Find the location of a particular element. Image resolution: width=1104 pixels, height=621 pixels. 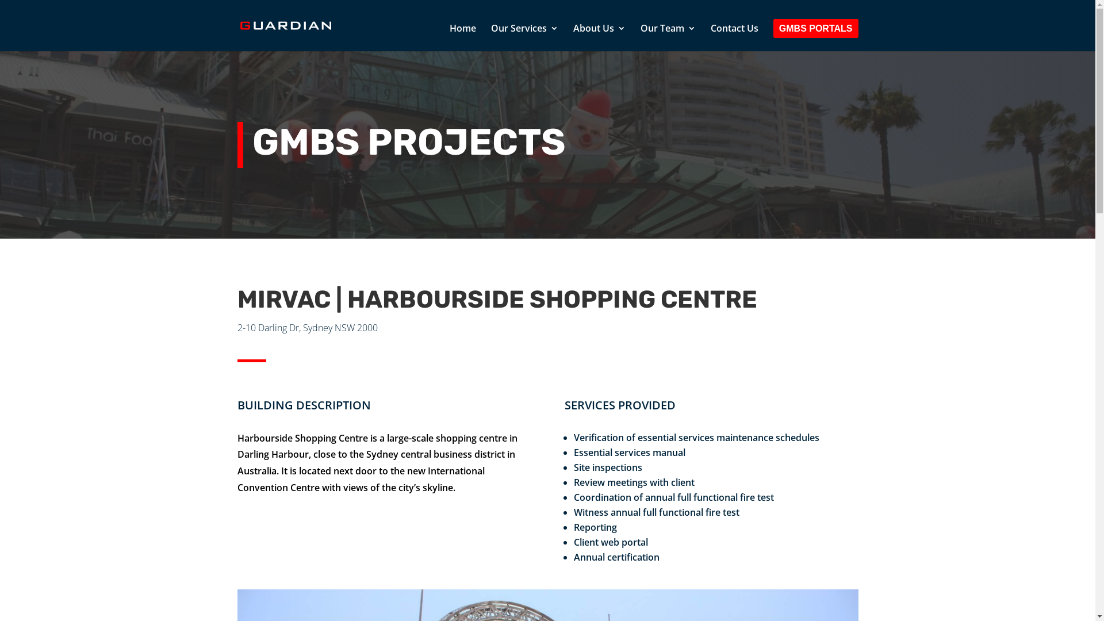

'Home' is located at coordinates (463, 37).